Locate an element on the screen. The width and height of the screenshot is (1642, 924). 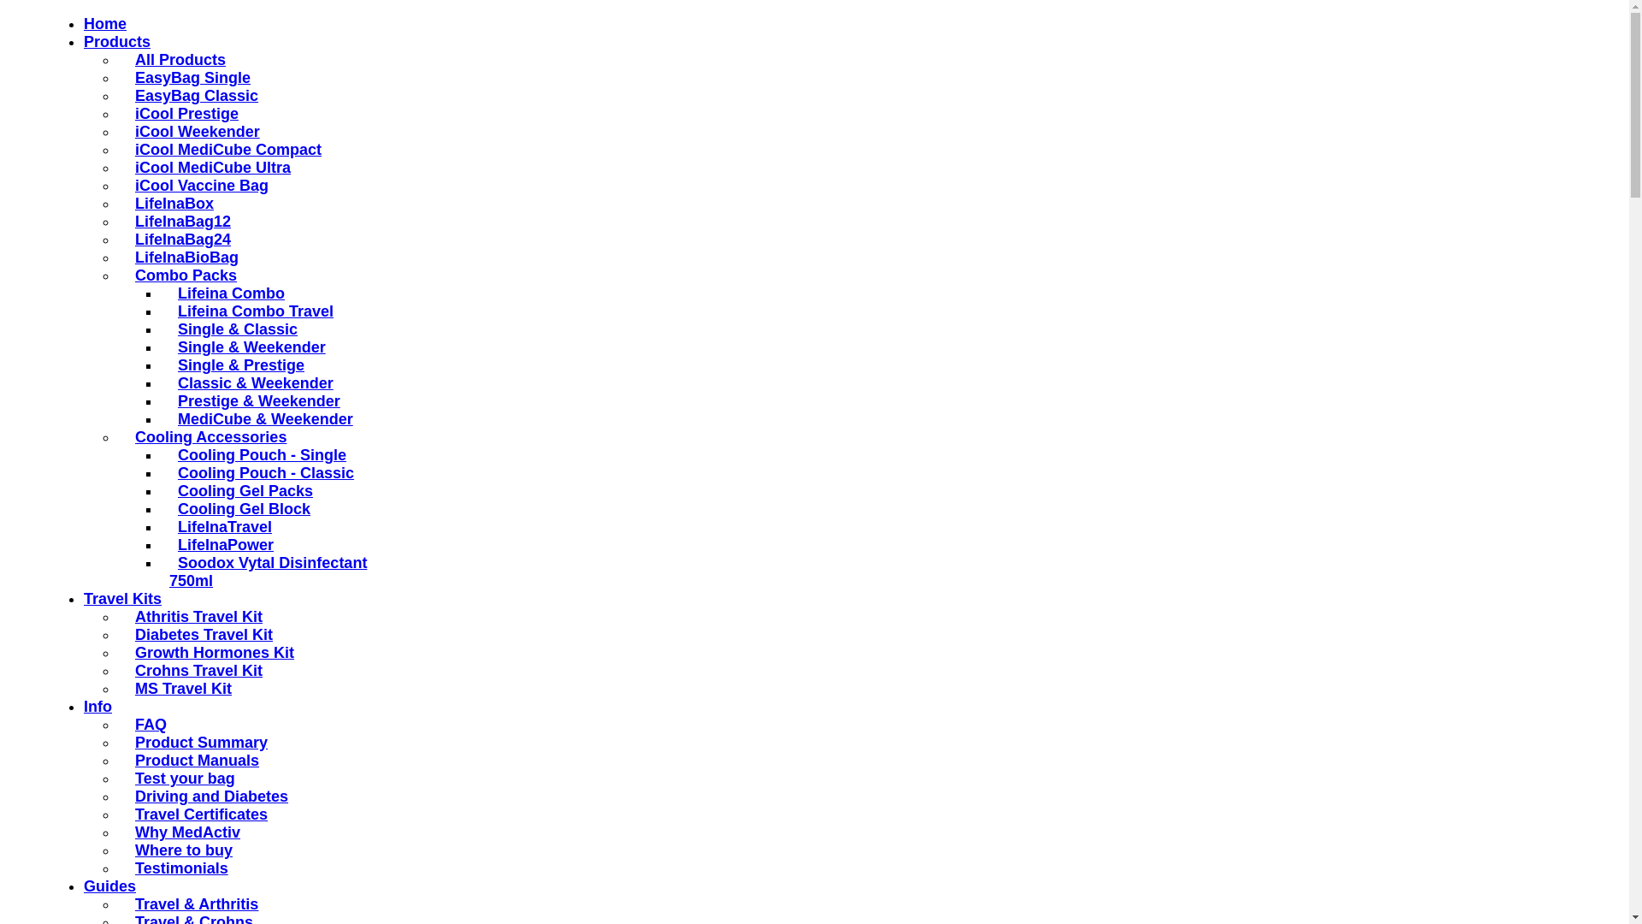
'Crohns Travel Kit' is located at coordinates (194, 669).